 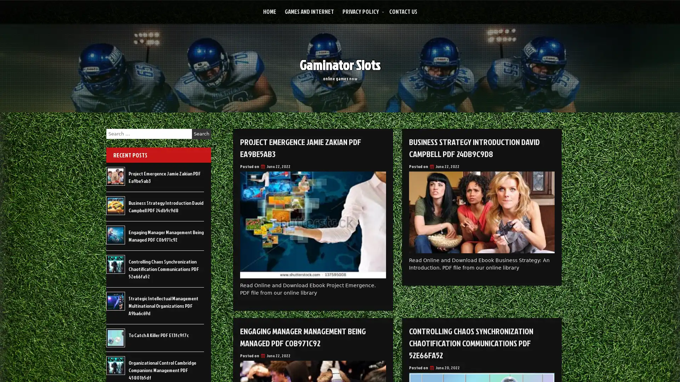 I want to click on Search, so click(x=201, y=134).